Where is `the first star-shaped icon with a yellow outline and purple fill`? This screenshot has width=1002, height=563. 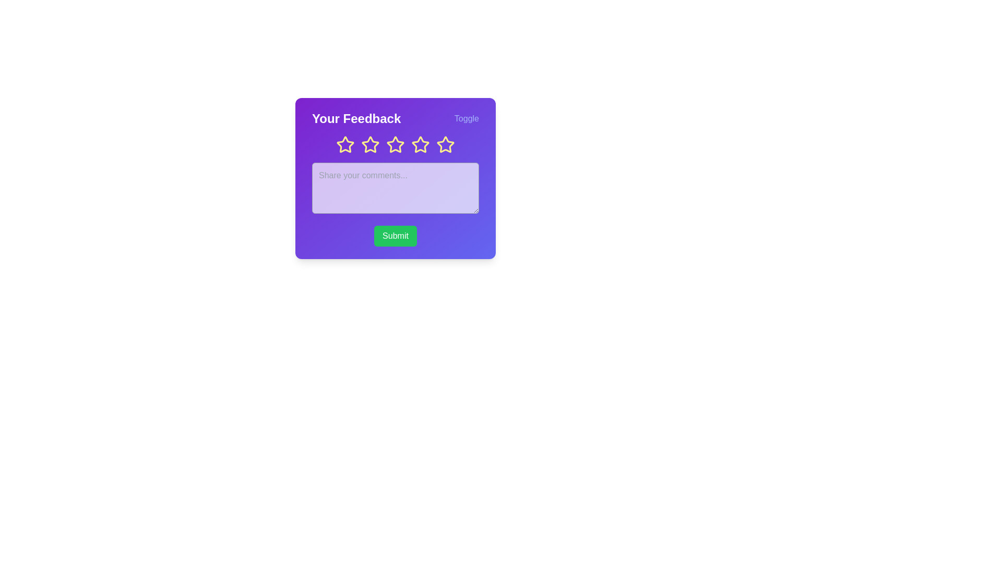
the first star-shaped icon with a yellow outline and purple fill is located at coordinates (345, 144).